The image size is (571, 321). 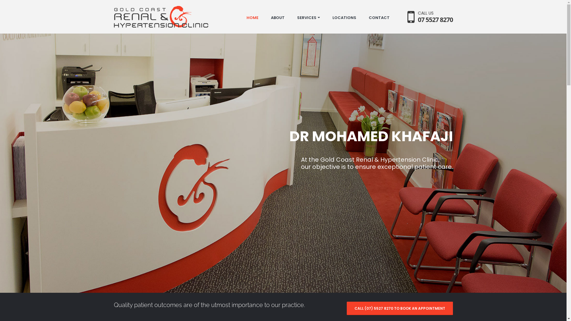 What do you see at coordinates (308, 18) in the screenshot?
I see `'SERVICES'` at bounding box center [308, 18].